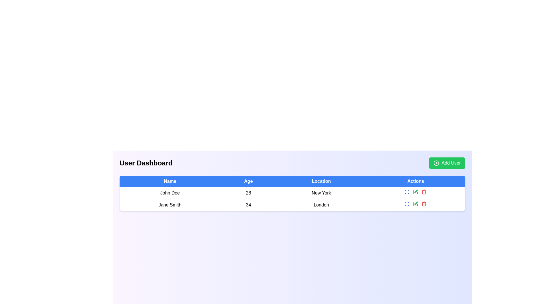 Image resolution: width=548 pixels, height=308 pixels. What do you see at coordinates (416, 203) in the screenshot?
I see `the green pen icon in the 'Actions' column of the second row for user 'Jane Smith'` at bounding box center [416, 203].